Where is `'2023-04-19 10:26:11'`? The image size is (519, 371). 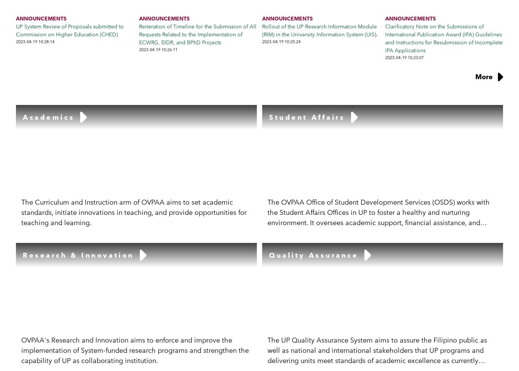 '2023-04-19 10:26:11' is located at coordinates (158, 49).